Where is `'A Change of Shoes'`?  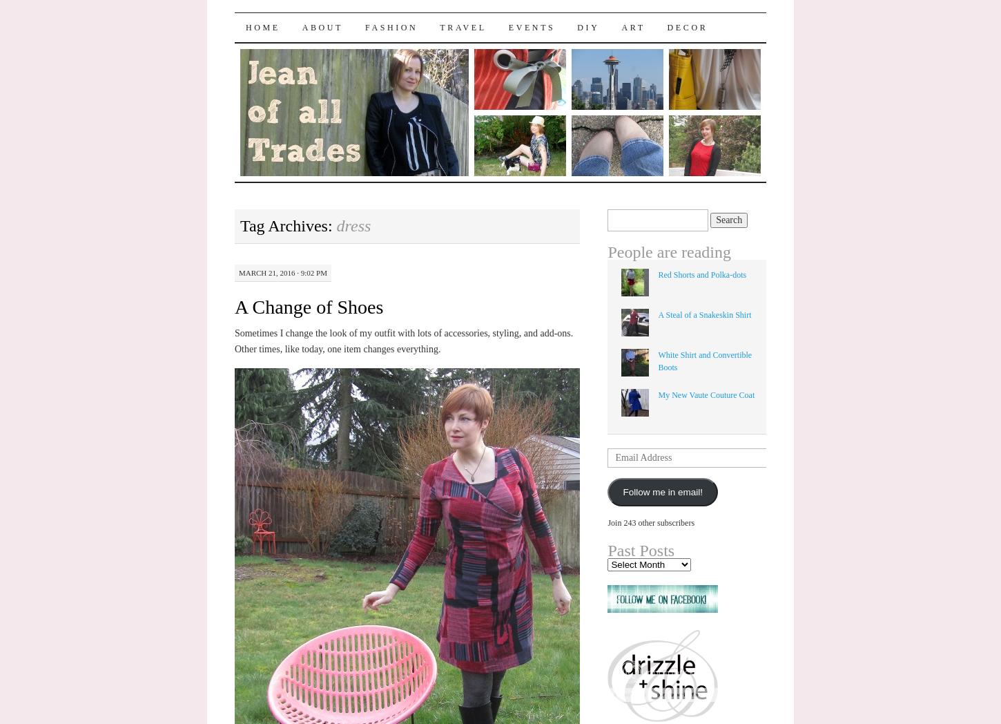 'A Change of Shoes' is located at coordinates (308, 305).